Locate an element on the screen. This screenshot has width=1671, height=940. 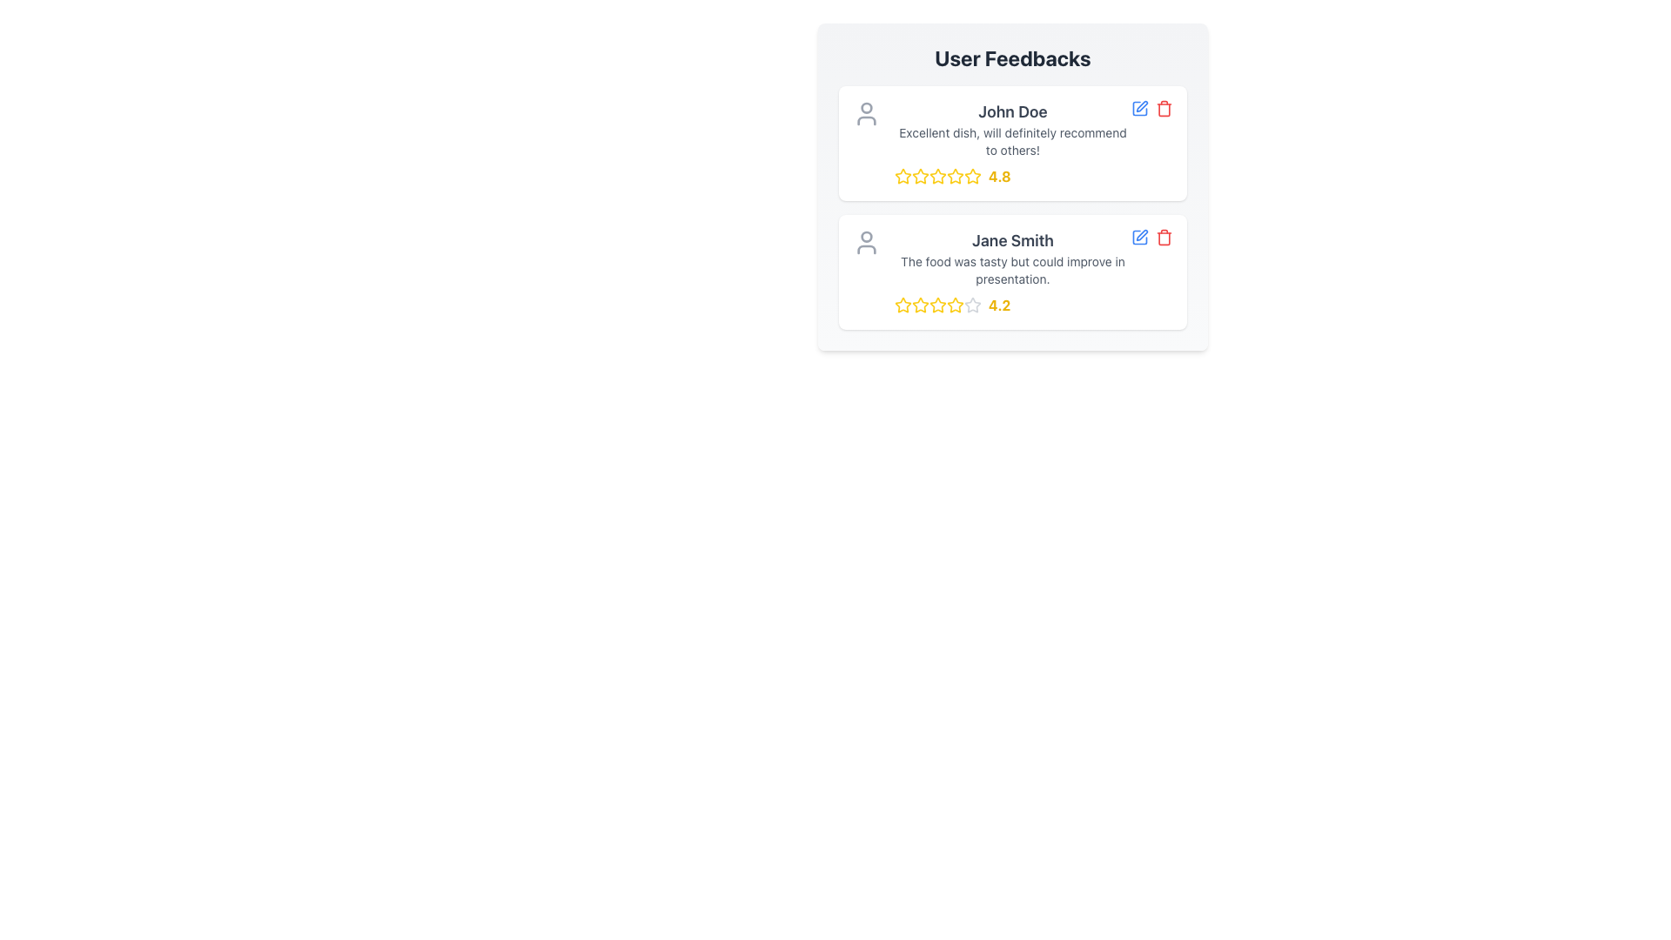
the fourth star icon in the yellow and gray rating system, located before the text '4.2' in Jane Smith's review is located at coordinates (937, 305).